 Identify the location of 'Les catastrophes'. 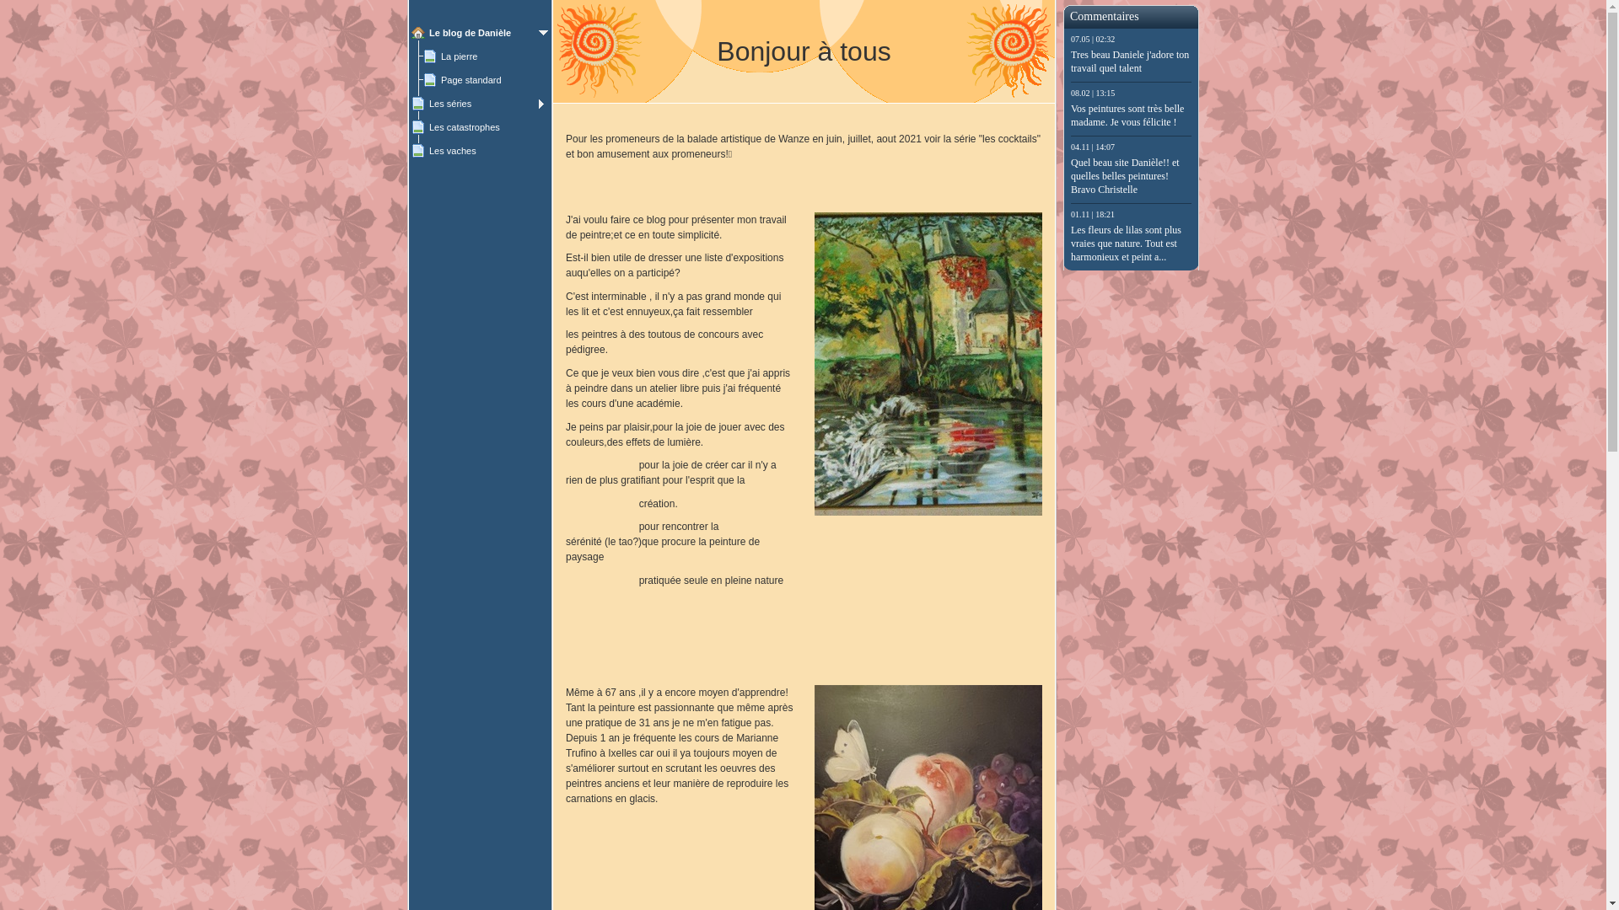
(479, 126).